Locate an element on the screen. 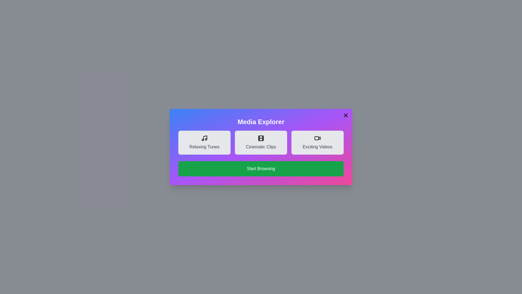 The height and width of the screenshot is (294, 522). the close button located at the top-right corner of the dialog is located at coordinates (346, 115).